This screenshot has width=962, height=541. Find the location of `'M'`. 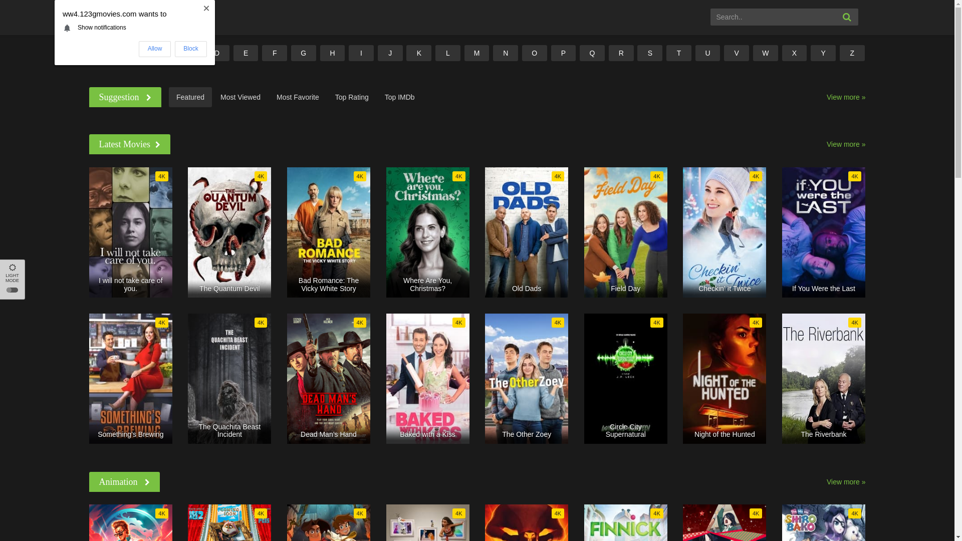

'M' is located at coordinates (476, 53).